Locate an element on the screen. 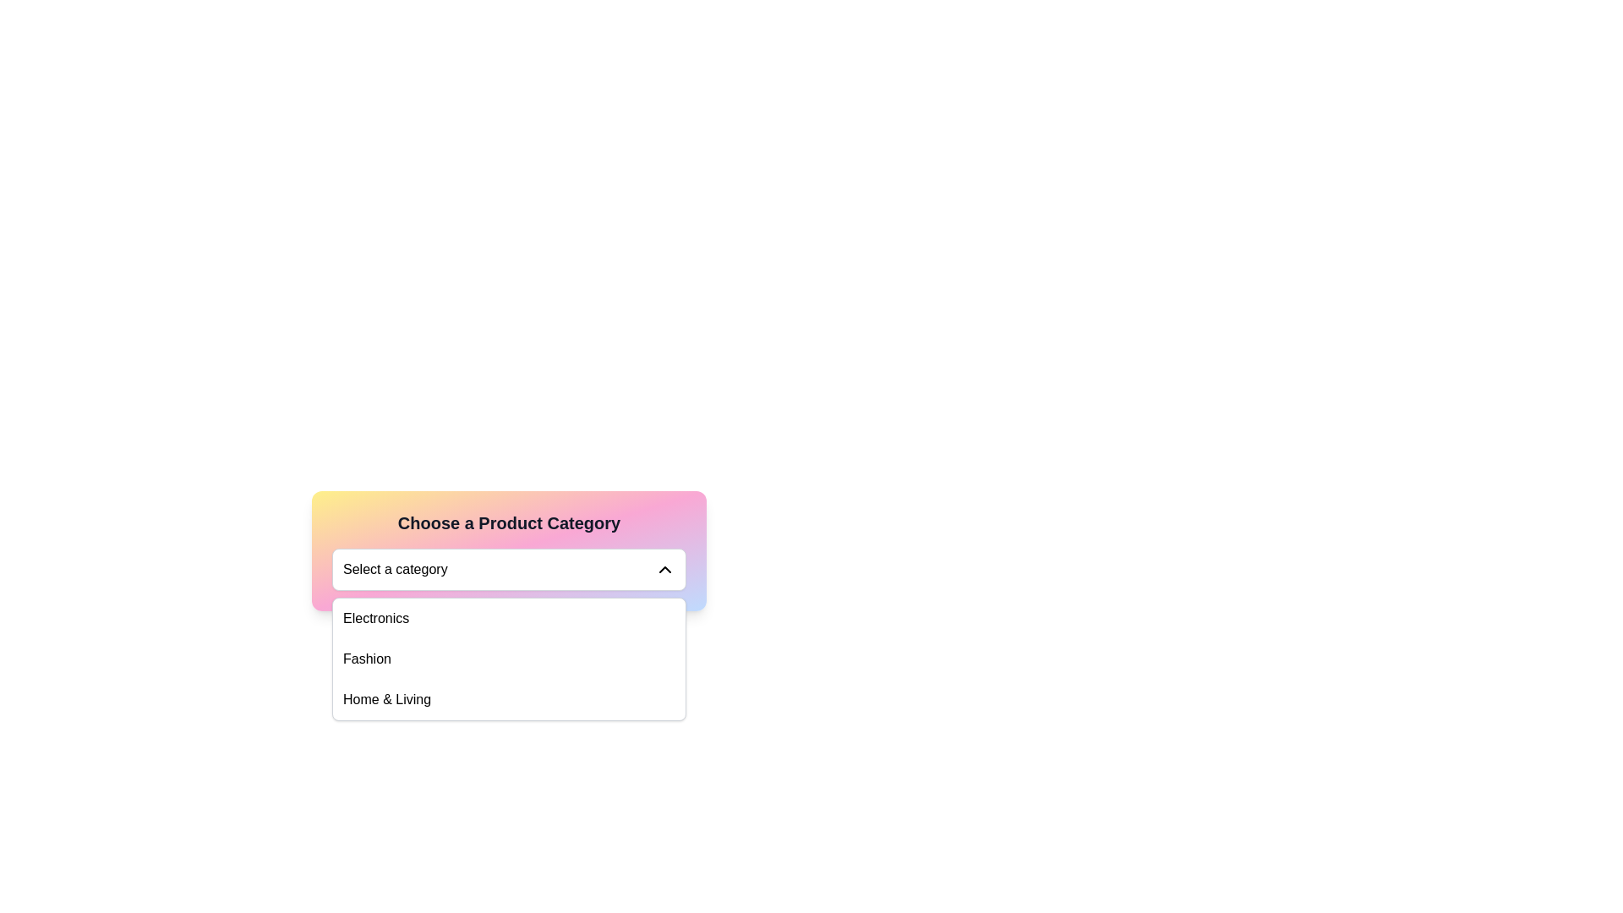 The width and height of the screenshot is (1623, 913). the icon next to the 'Select a category' dropdown button is located at coordinates (664, 570).